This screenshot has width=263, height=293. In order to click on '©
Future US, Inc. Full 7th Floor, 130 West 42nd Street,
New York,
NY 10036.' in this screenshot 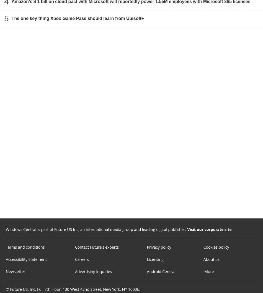, I will do `click(73, 289)`.